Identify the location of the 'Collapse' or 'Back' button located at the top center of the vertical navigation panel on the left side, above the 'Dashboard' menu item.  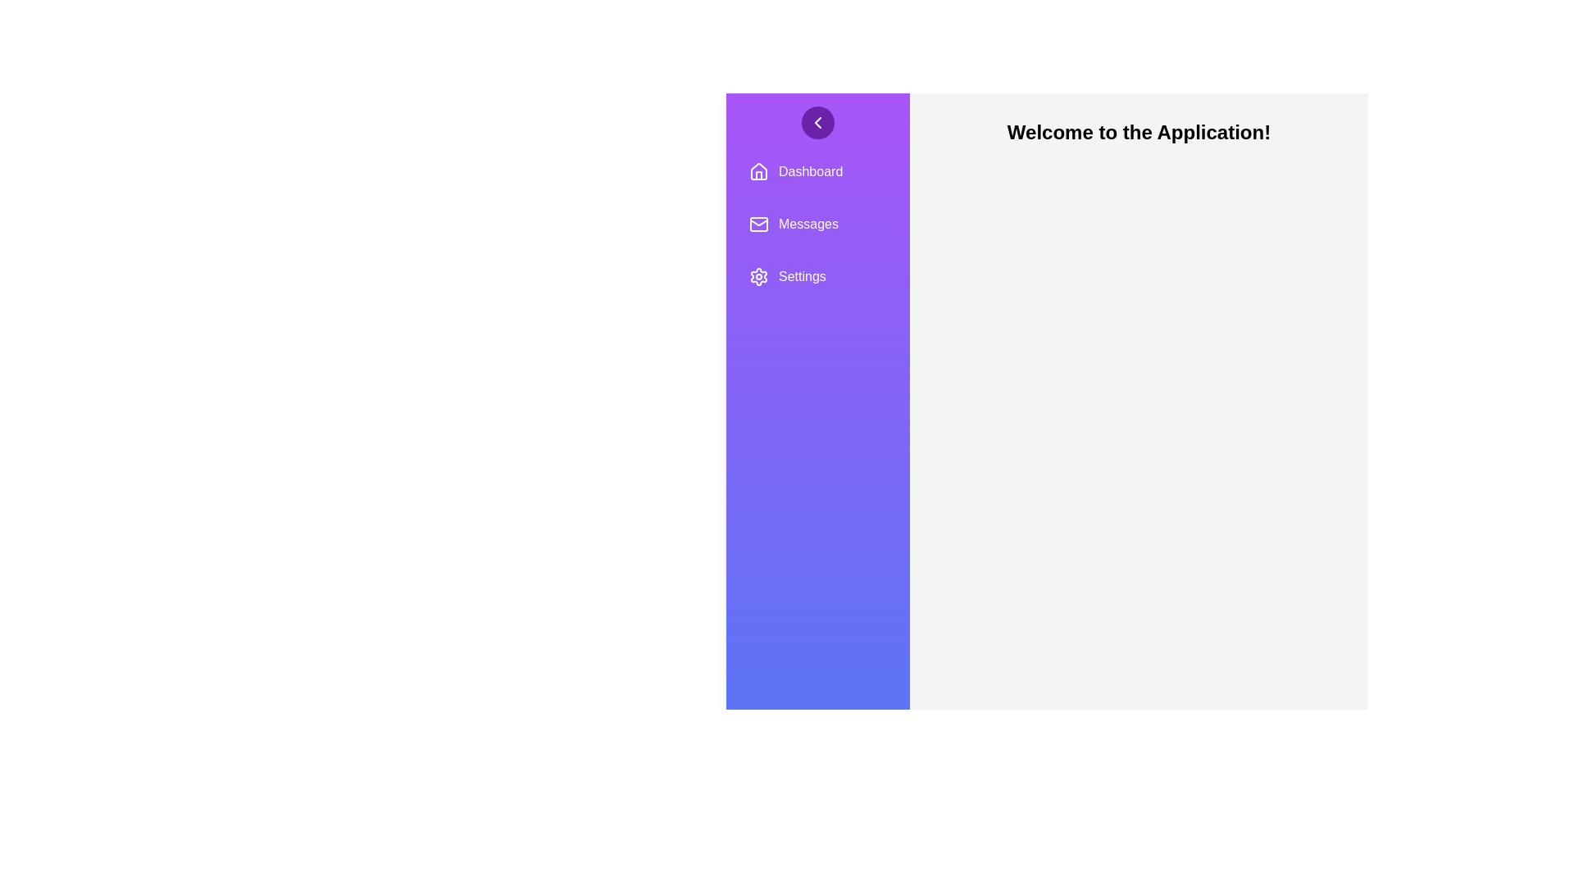
(818, 122).